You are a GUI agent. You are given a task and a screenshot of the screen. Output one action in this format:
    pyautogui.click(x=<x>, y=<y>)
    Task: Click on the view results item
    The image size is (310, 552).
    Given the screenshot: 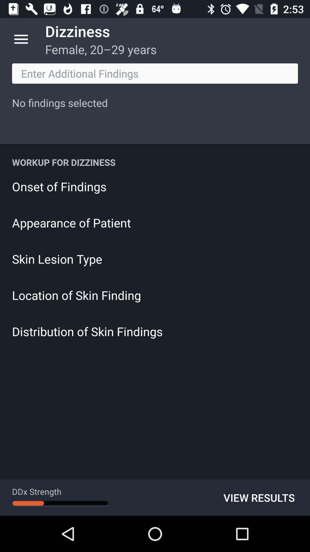 What is the action you would take?
    pyautogui.click(x=259, y=497)
    